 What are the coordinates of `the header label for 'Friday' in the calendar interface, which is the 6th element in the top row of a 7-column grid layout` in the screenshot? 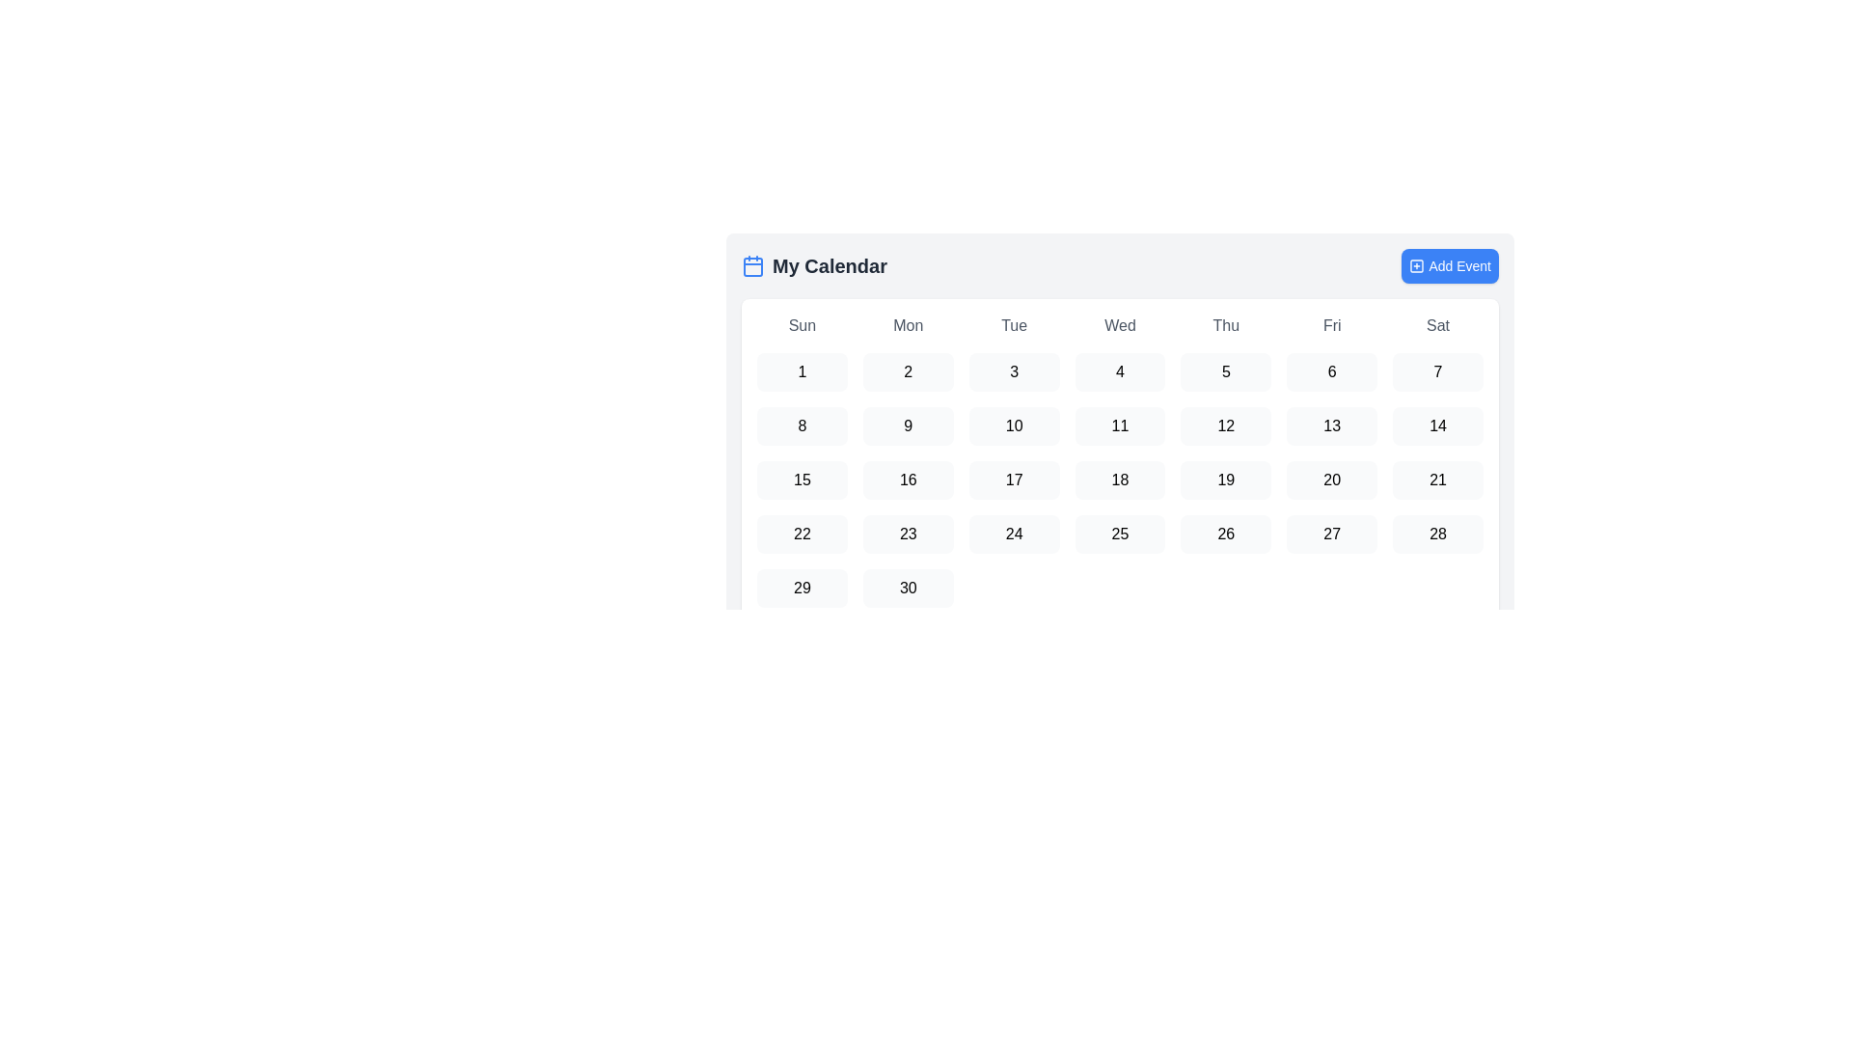 It's located at (1331, 325).